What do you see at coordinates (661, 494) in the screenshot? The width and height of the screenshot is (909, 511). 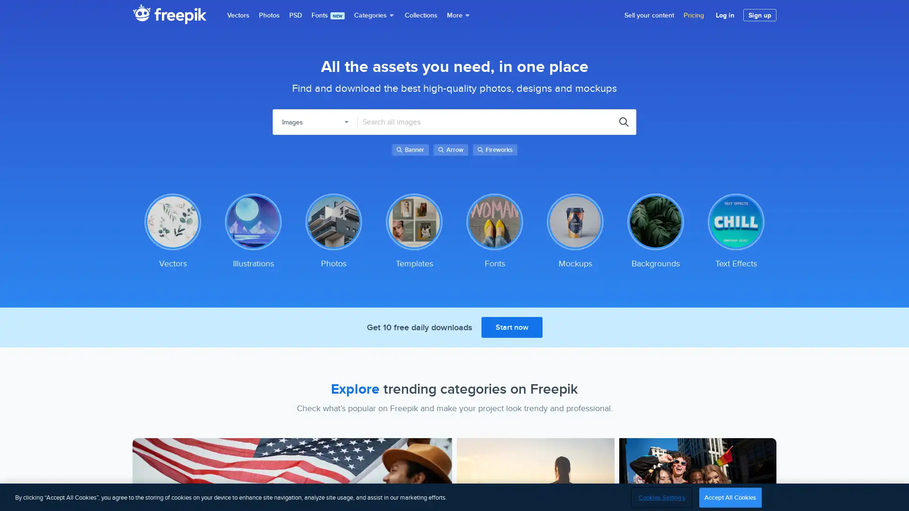 I see `Cookies Settings` at bounding box center [661, 494].